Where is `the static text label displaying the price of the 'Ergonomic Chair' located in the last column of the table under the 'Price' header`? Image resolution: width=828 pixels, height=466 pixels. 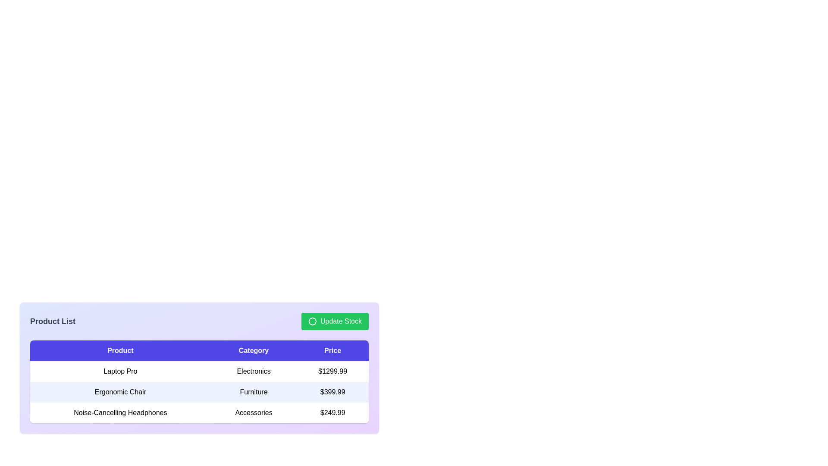
the static text label displaying the price of the 'Ergonomic Chair' located in the last column of the table under the 'Price' header is located at coordinates (332, 392).